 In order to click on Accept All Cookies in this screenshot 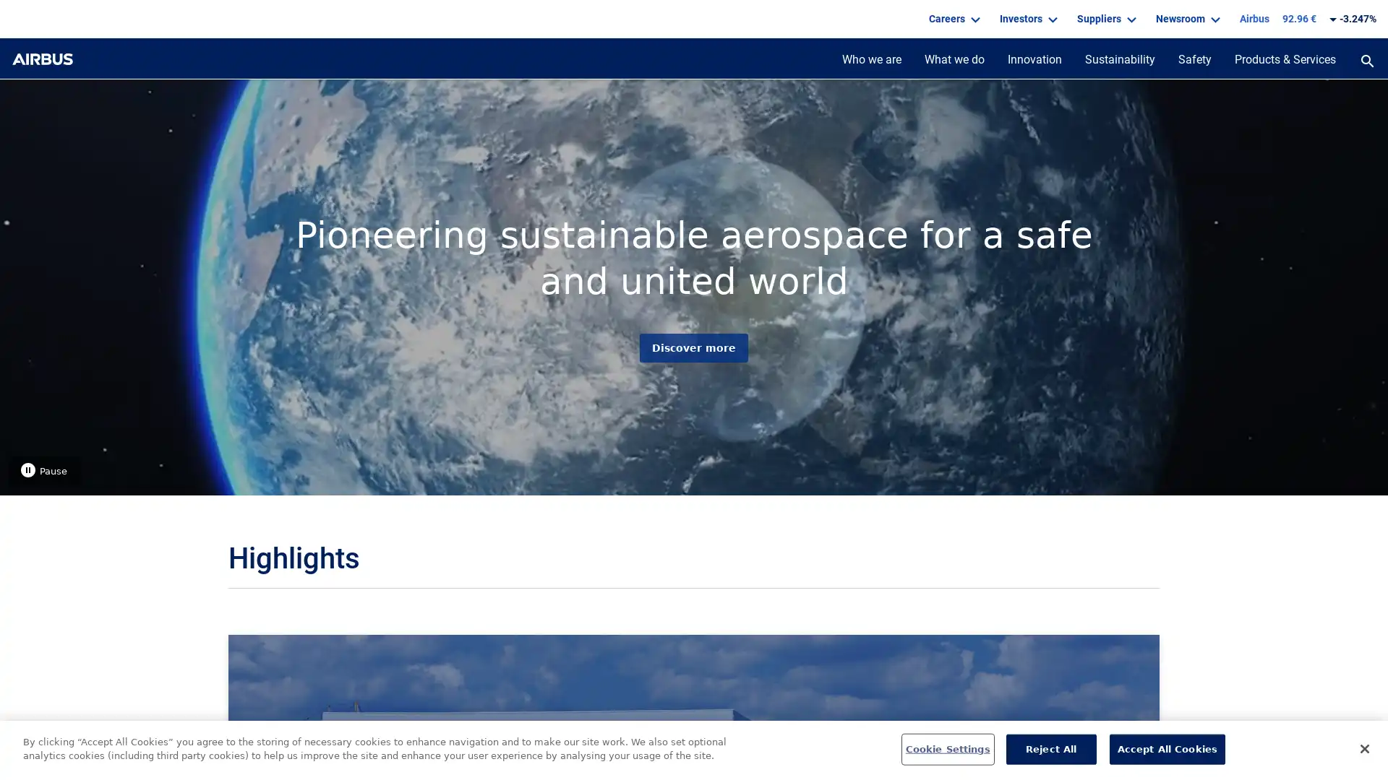, I will do `click(1167, 748)`.